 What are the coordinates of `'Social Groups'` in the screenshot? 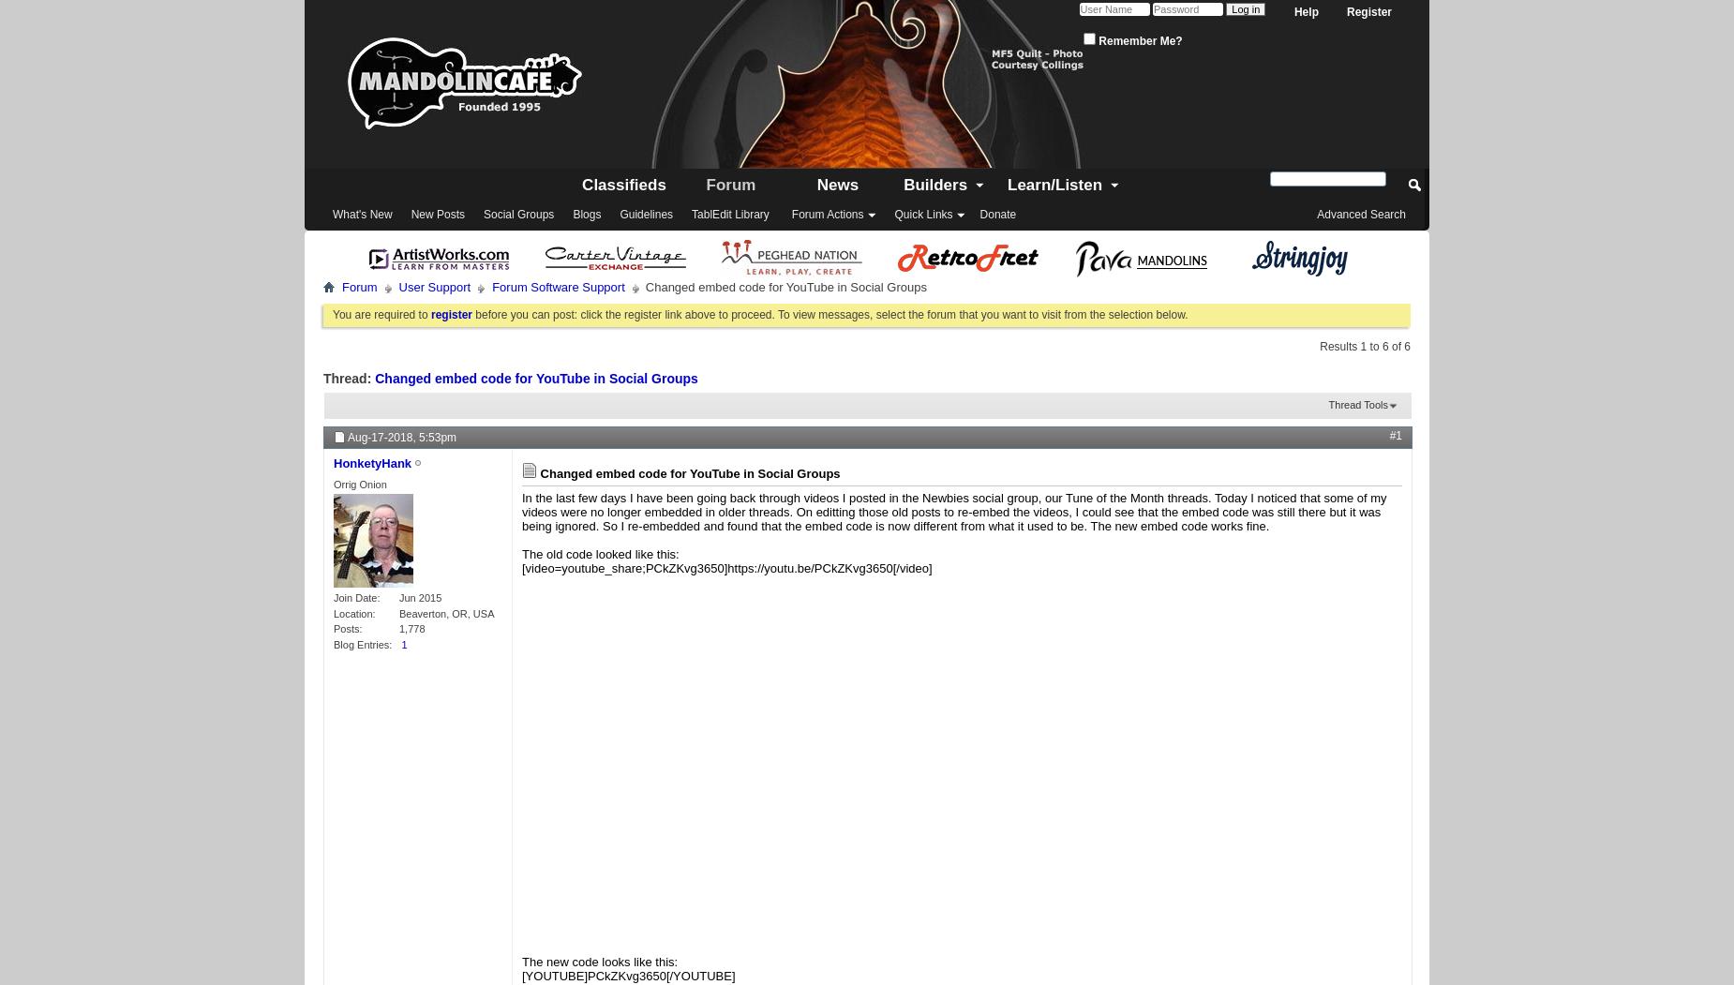 It's located at (483, 214).